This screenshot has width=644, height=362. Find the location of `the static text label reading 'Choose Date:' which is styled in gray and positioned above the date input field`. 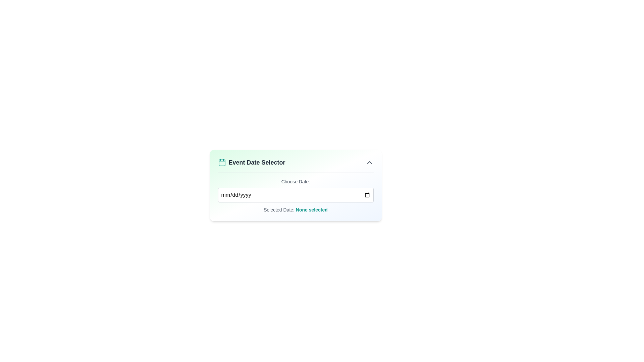

the static text label reading 'Choose Date:' which is styled in gray and positioned above the date input field is located at coordinates (295, 182).